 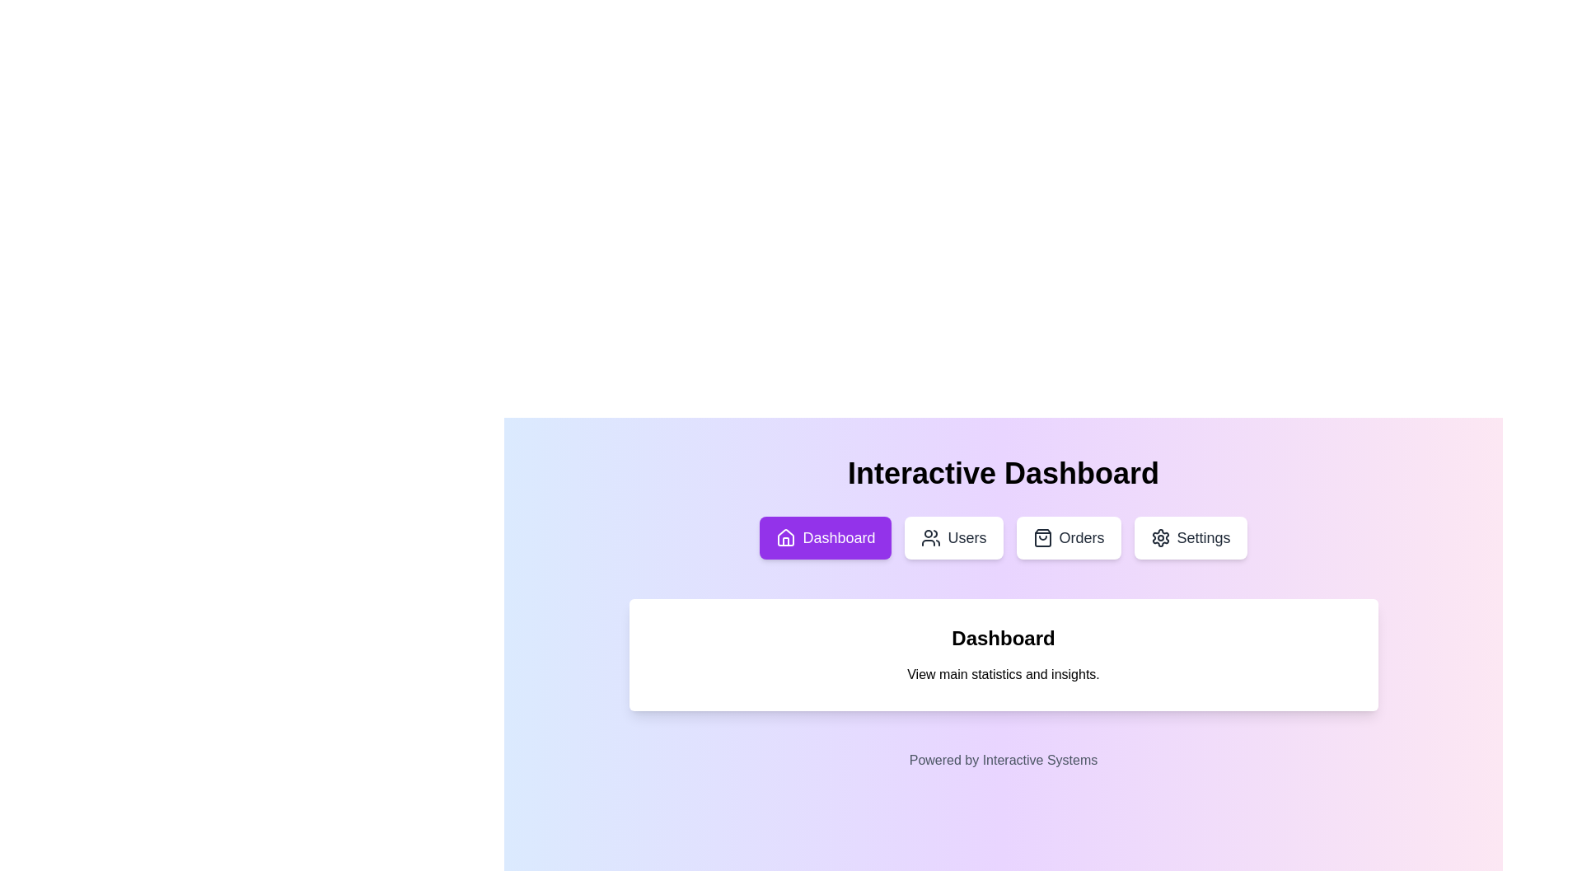 I want to click on the cogwheel-shaped icon inside the 'Settings' button section at the top right of the navigation bar, so click(x=1159, y=537).